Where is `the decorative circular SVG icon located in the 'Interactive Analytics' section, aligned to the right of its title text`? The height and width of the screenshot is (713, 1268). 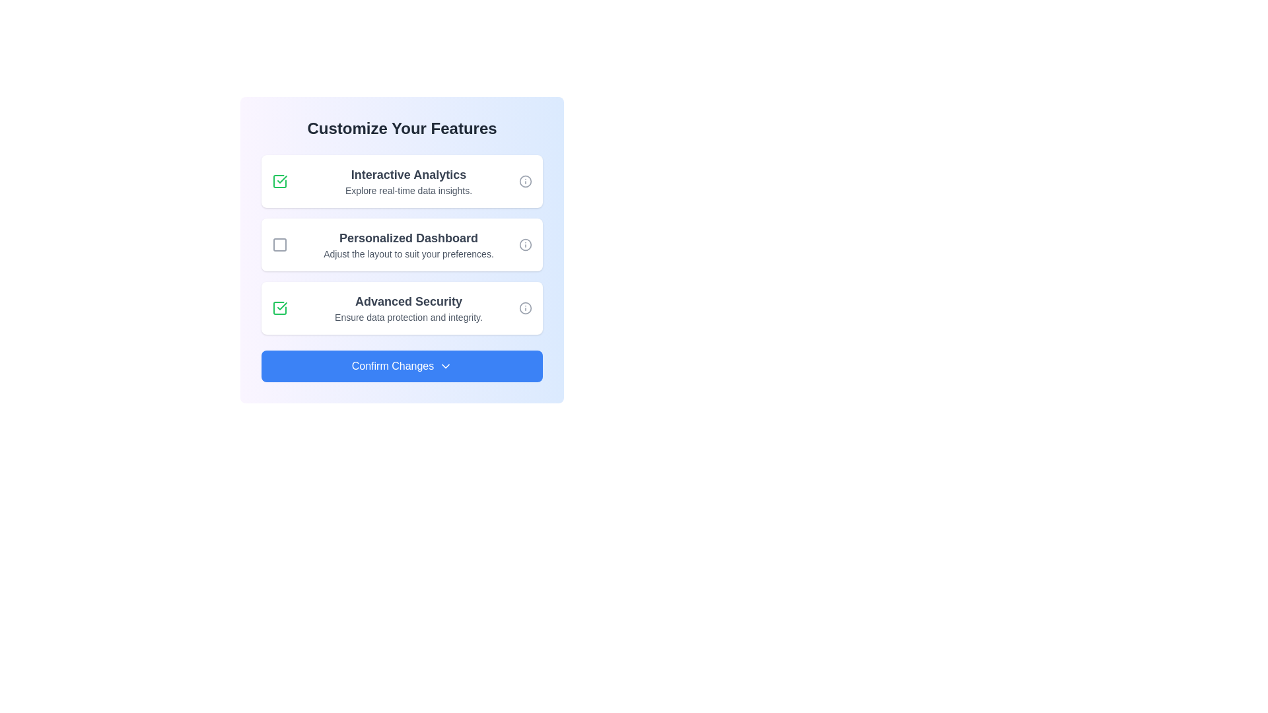
the decorative circular SVG icon located in the 'Interactive Analytics' section, aligned to the right of its title text is located at coordinates (525, 181).